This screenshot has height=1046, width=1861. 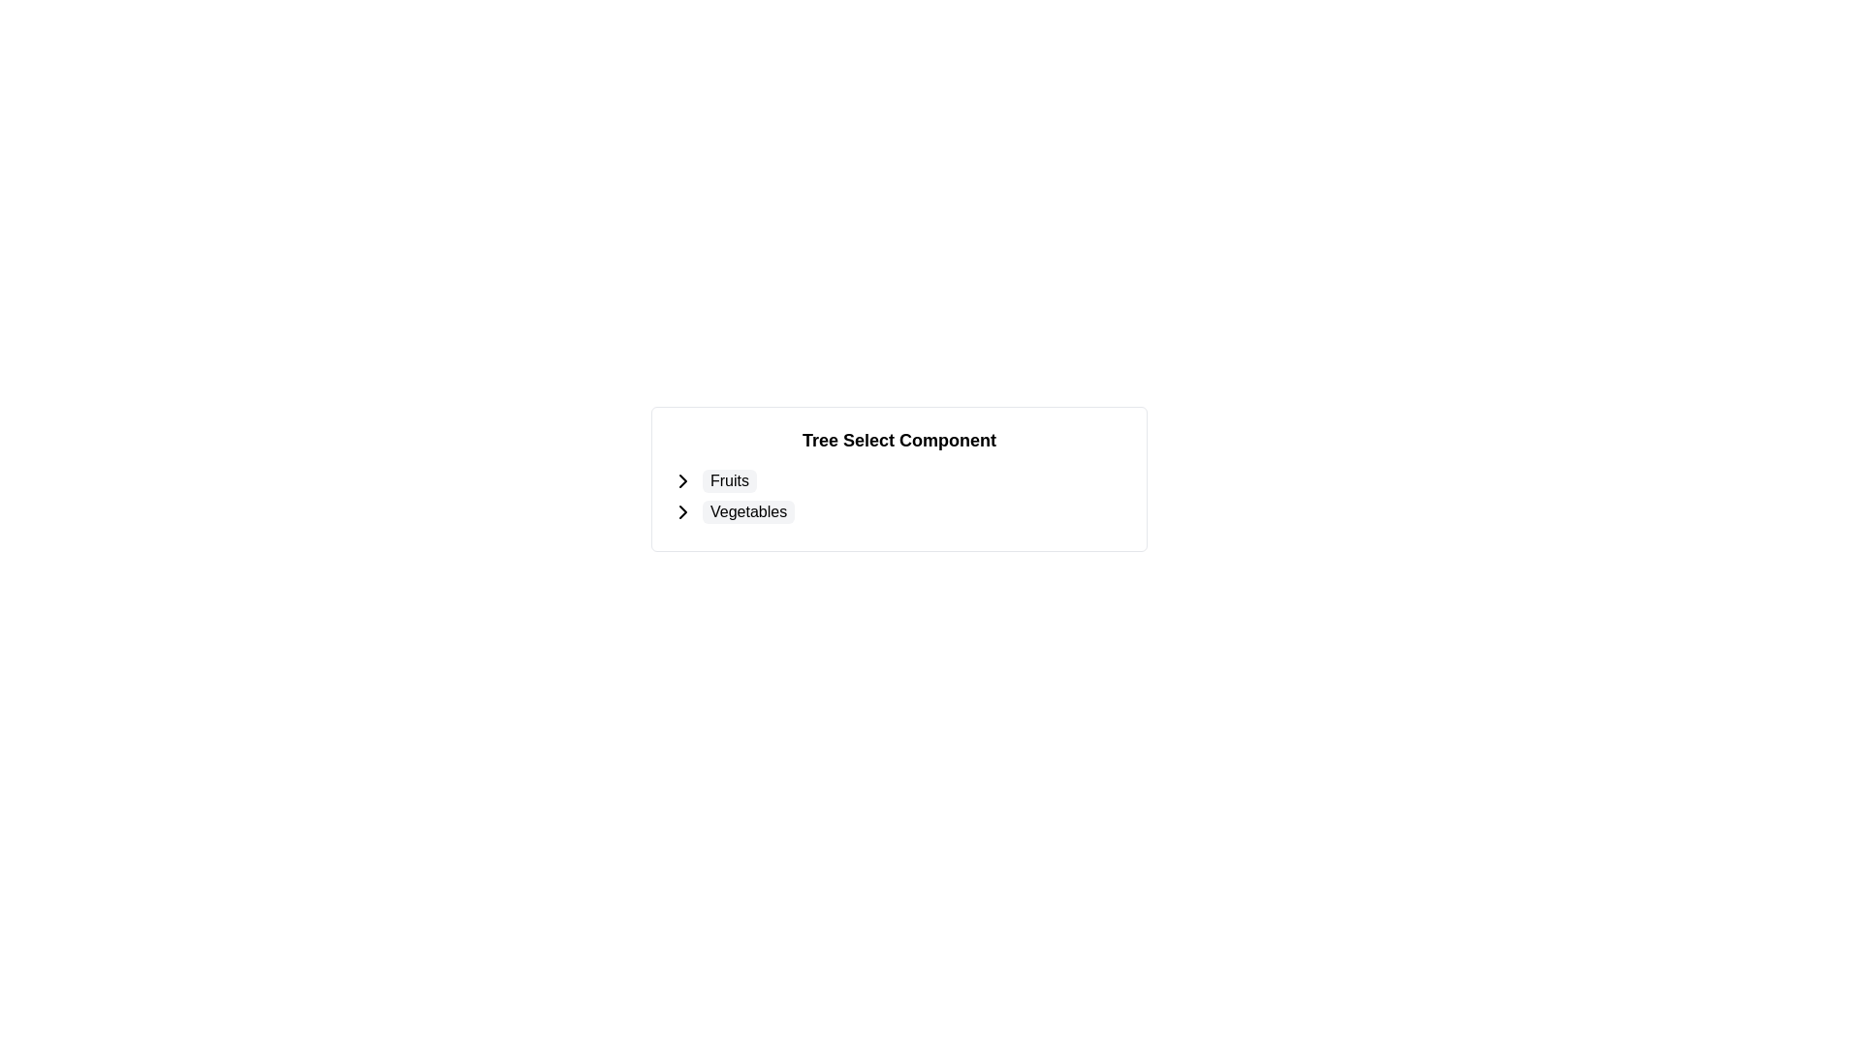 What do you see at coordinates (683, 510) in the screenshot?
I see `the small chevron-shaped icon with a rightward-pointing arrow that is located to the immediate left of the text 'Vegetables' under the heading 'Tree Select Component'` at bounding box center [683, 510].